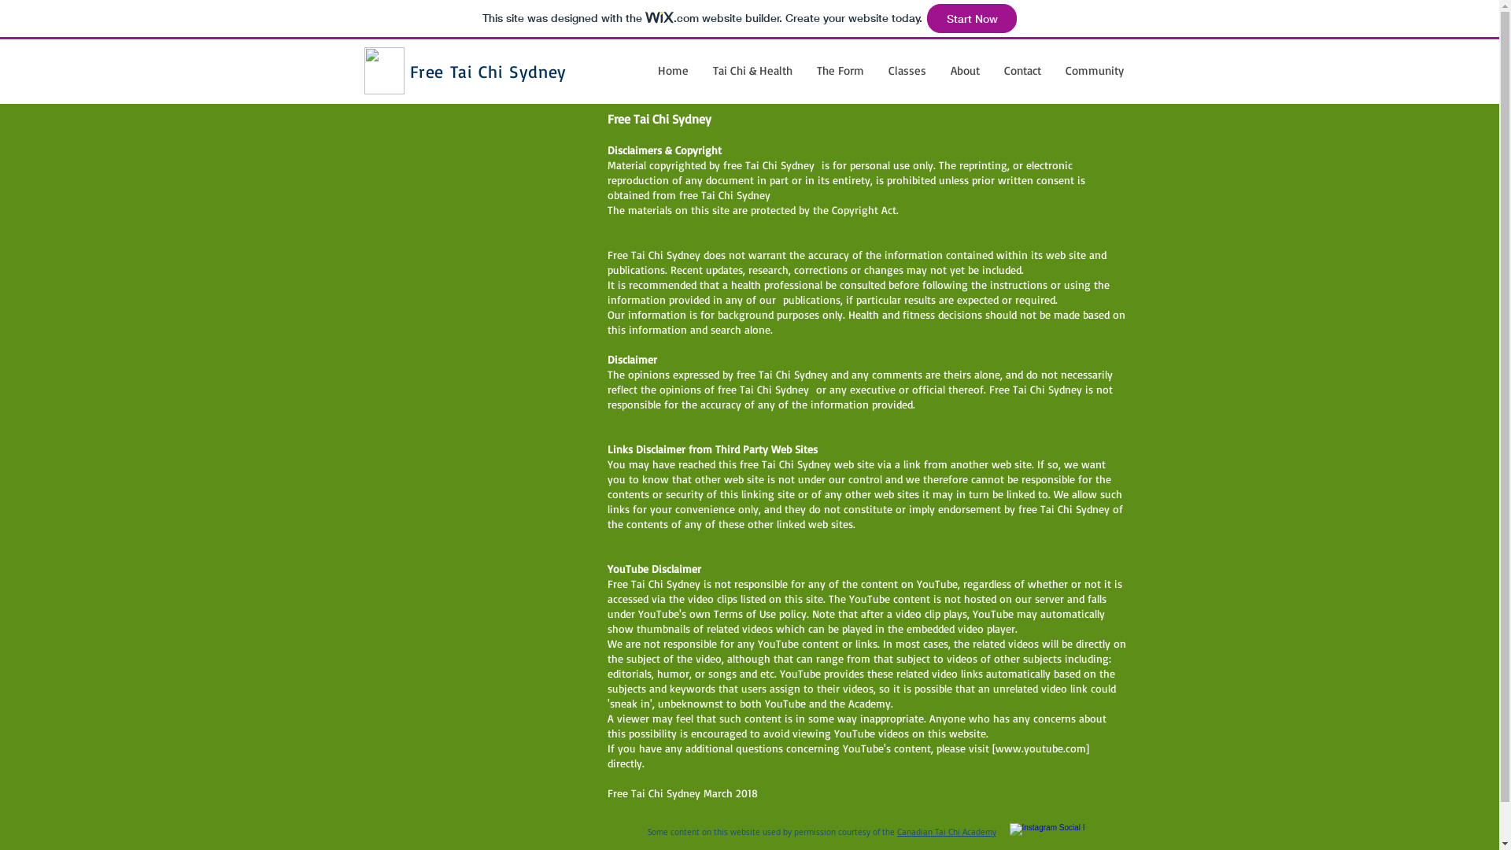 The height and width of the screenshot is (850, 1511). What do you see at coordinates (1040, 747) in the screenshot?
I see `'www.youtube.com'` at bounding box center [1040, 747].